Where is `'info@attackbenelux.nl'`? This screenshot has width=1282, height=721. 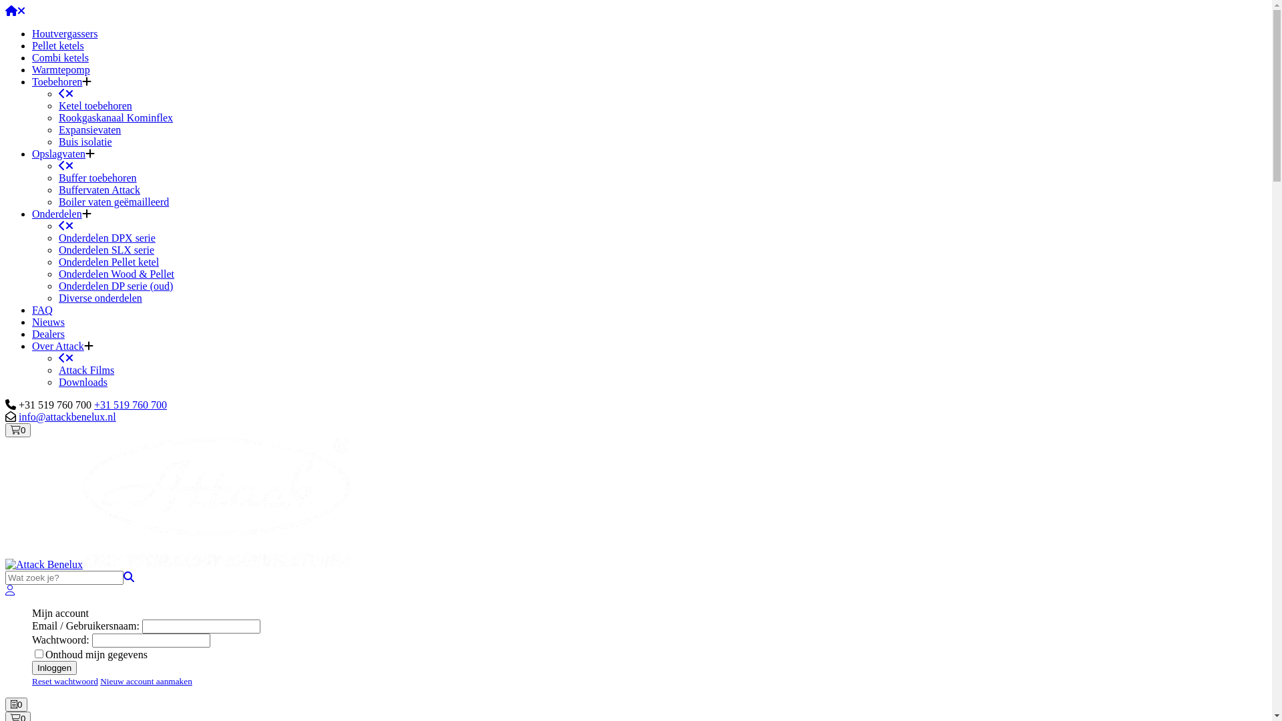
'info@attackbenelux.nl' is located at coordinates (19, 416).